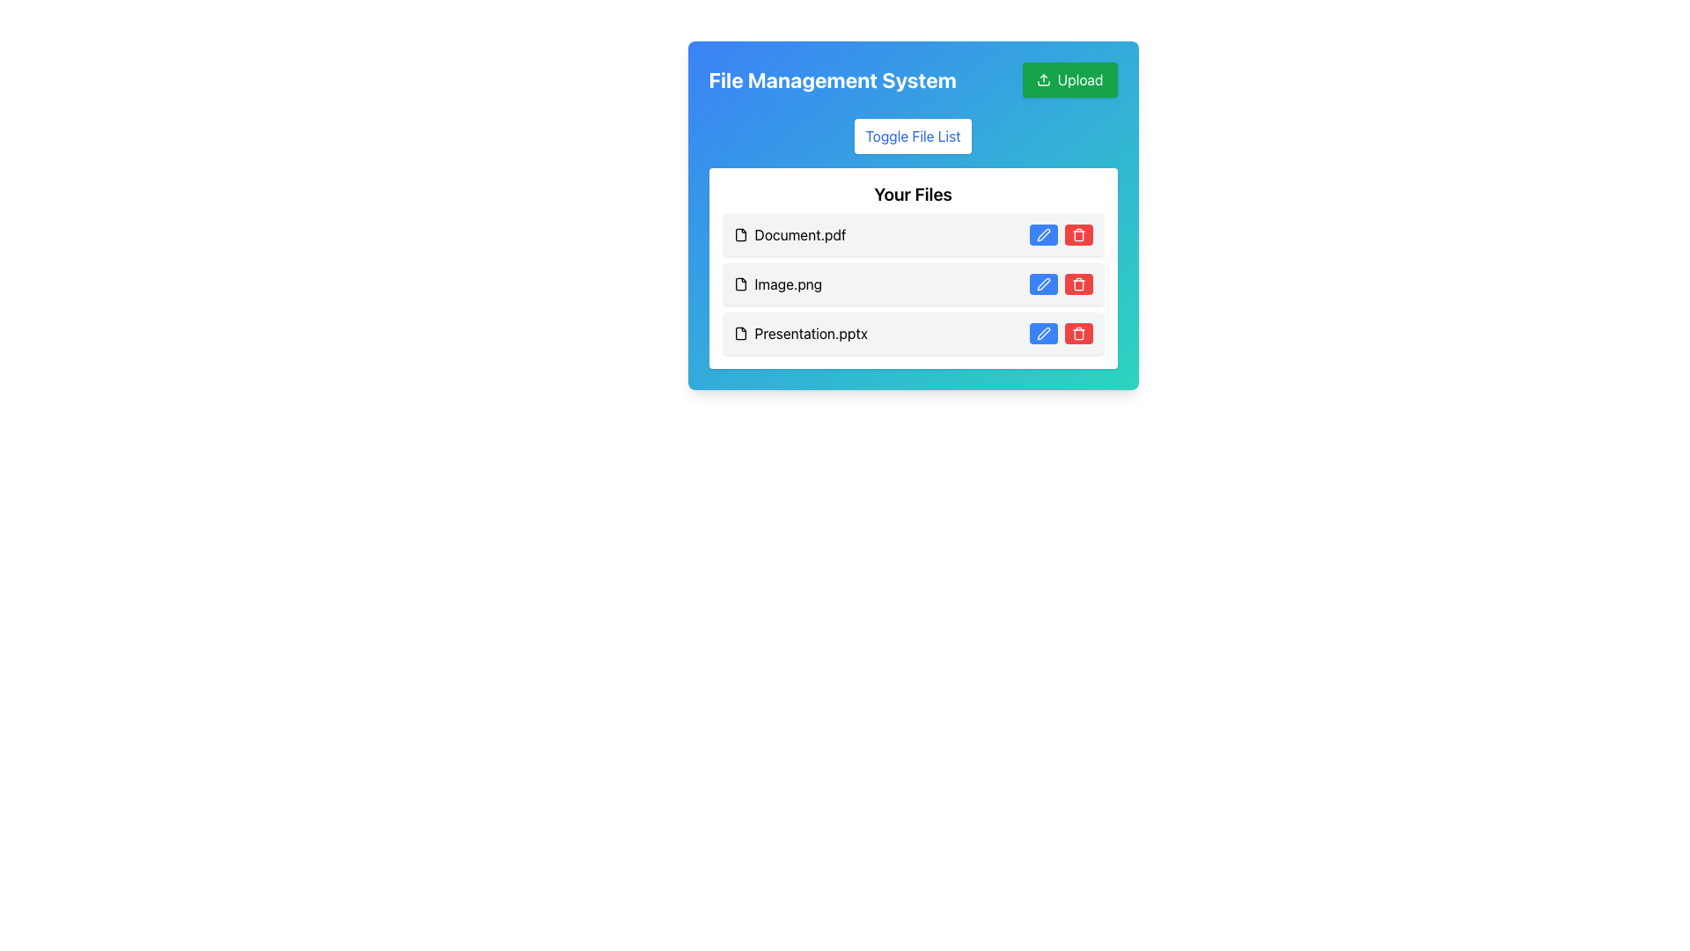 The image size is (1690, 951). Describe the element at coordinates (789, 233) in the screenshot. I see `the file row containing the text label 'Document.pdf' in the file management system interface` at that location.